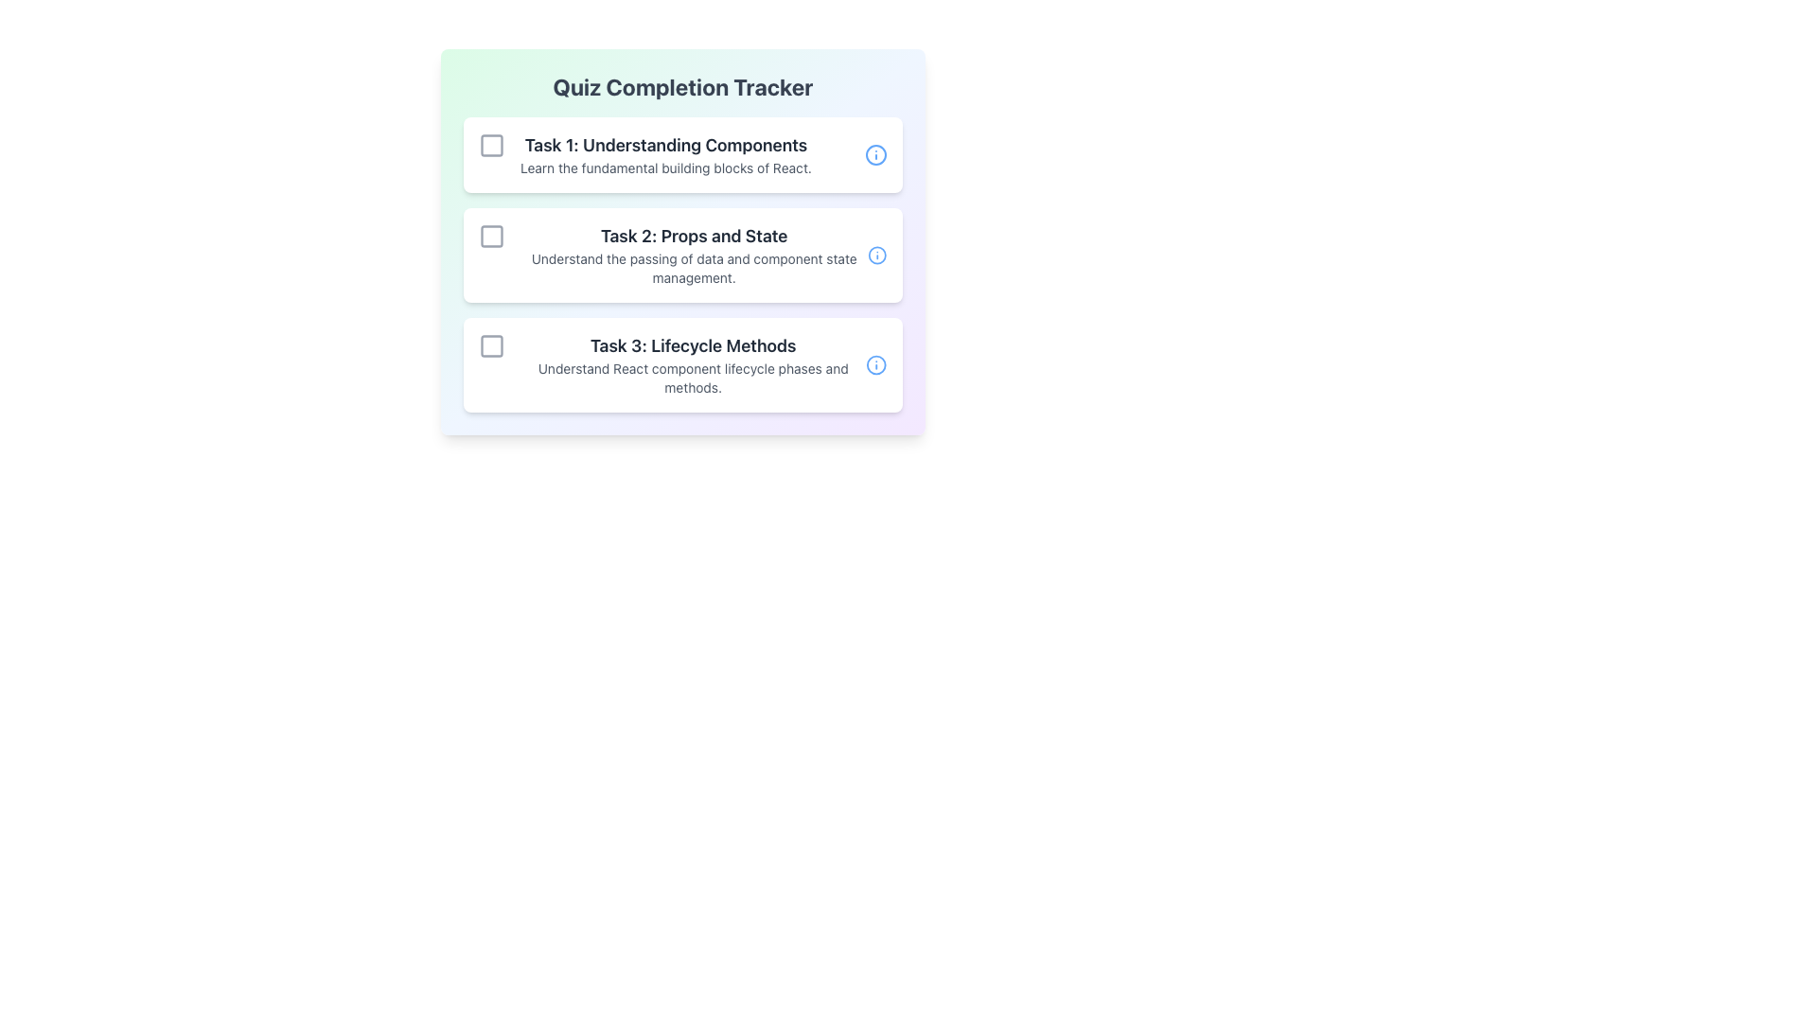 Image resolution: width=1817 pixels, height=1022 pixels. Describe the element at coordinates (692, 379) in the screenshot. I see `the static text element that reads 'Understand React component lifecycle phases and methods.' located in the 'Task 3: Lifecycle Methods' section of the 'Quiz Completion Tracker' interface` at that location.